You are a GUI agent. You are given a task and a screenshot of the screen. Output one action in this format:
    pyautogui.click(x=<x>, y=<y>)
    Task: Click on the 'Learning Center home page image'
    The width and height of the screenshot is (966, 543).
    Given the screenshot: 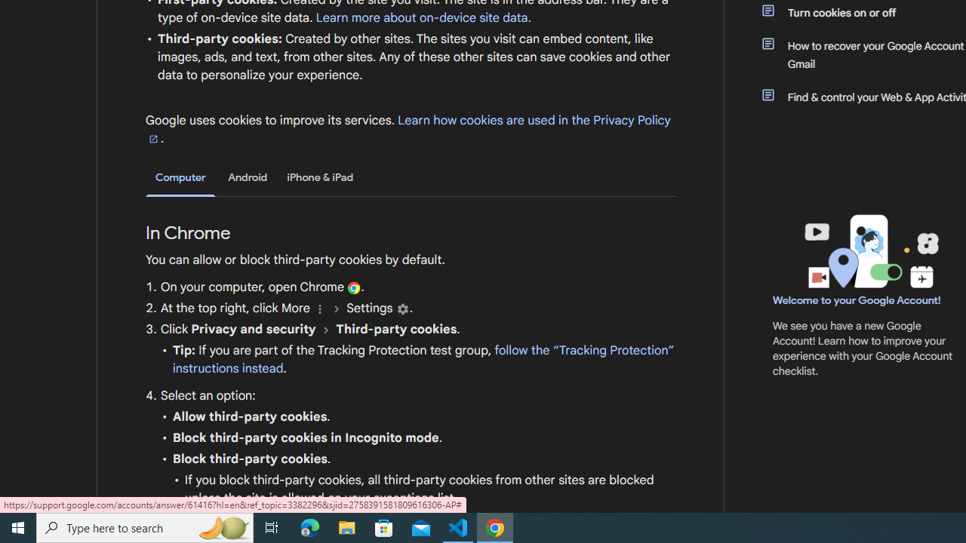 What is the action you would take?
    pyautogui.click(x=869, y=250)
    